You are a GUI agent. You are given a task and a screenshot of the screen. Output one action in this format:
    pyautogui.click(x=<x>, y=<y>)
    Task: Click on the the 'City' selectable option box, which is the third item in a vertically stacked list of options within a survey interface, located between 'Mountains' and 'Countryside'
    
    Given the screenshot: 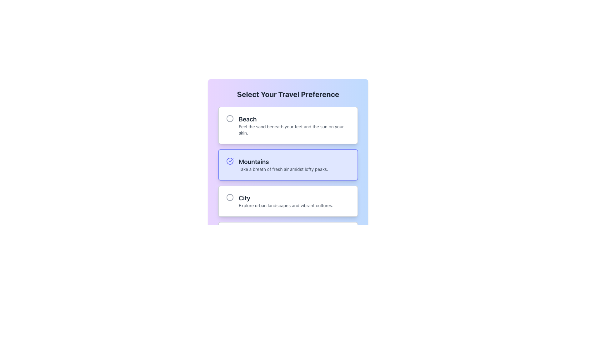 What is the action you would take?
    pyautogui.click(x=287, y=201)
    